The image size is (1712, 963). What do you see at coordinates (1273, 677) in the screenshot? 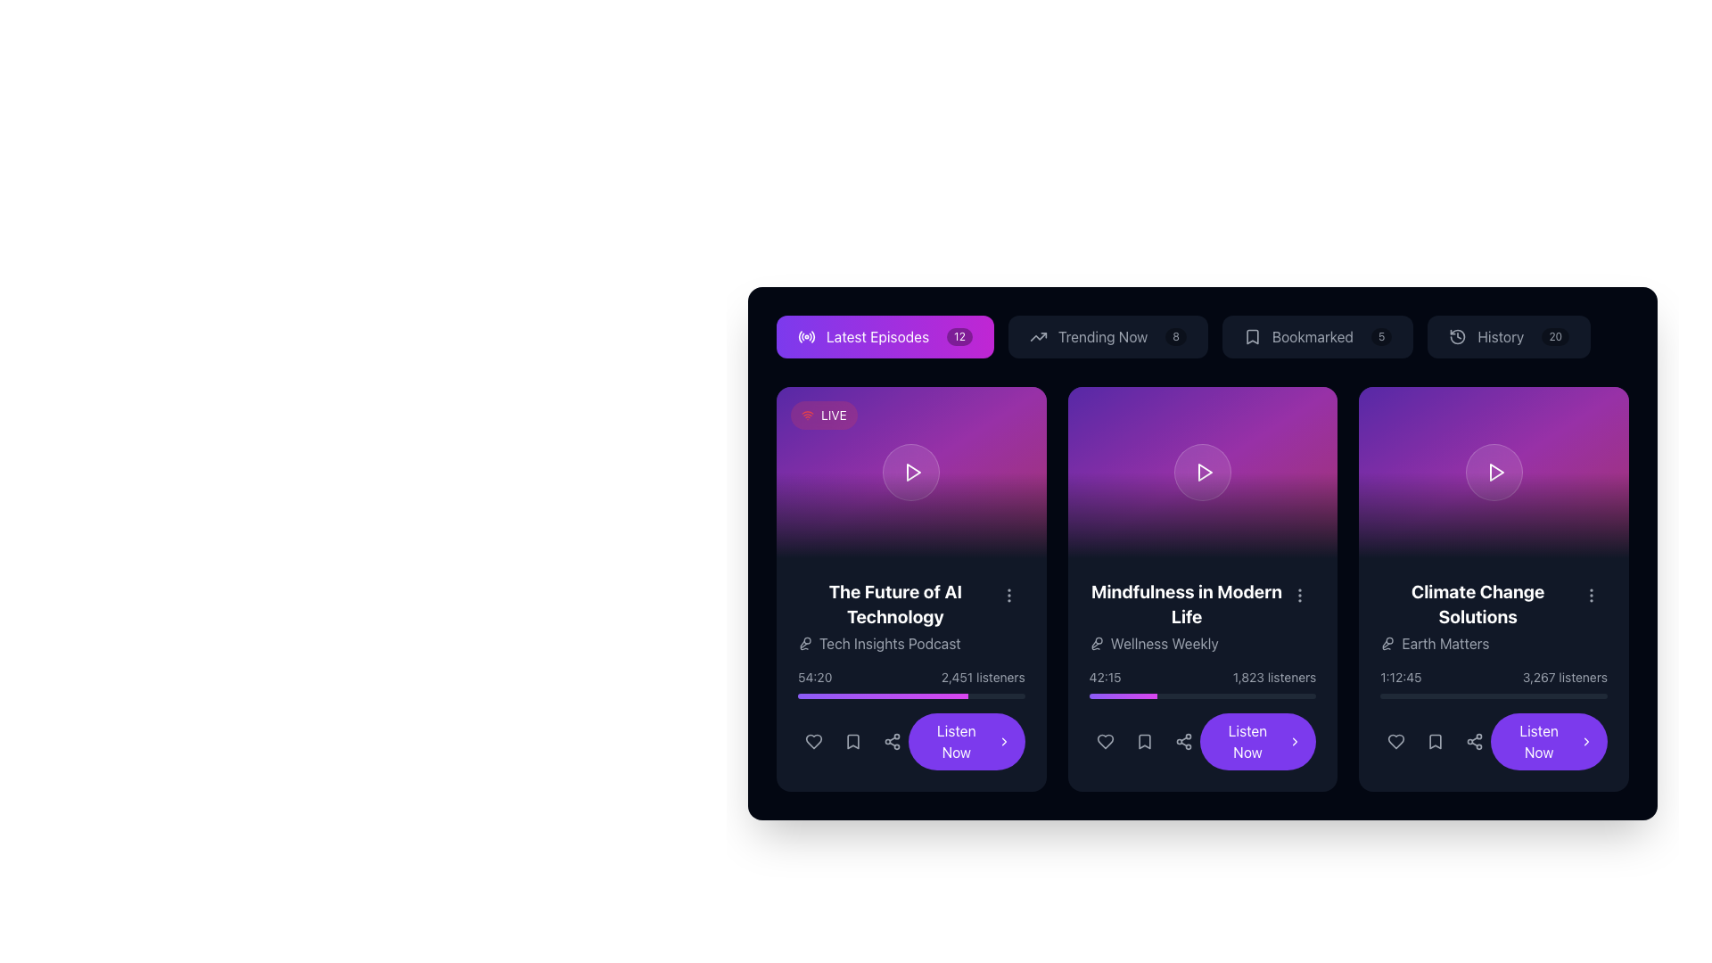
I see `the static text label displaying '1,823 listeners' located below the title 'Mindfulness in Modern Life' and above the 'Listen Now' button in the podcast card` at bounding box center [1273, 677].